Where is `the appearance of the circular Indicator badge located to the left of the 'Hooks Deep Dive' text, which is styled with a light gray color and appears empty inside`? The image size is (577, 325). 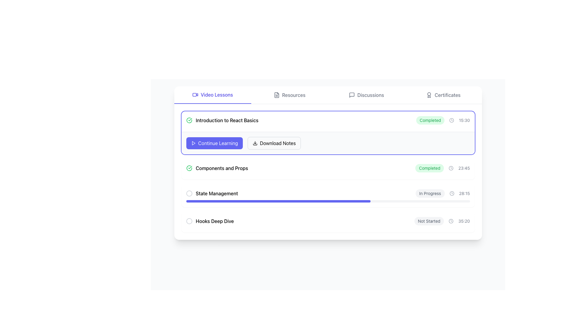 the appearance of the circular Indicator badge located to the left of the 'Hooks Deep Dive' text, which is styled with a light gray color and appears empty inside is located at coordinates (189, 221).